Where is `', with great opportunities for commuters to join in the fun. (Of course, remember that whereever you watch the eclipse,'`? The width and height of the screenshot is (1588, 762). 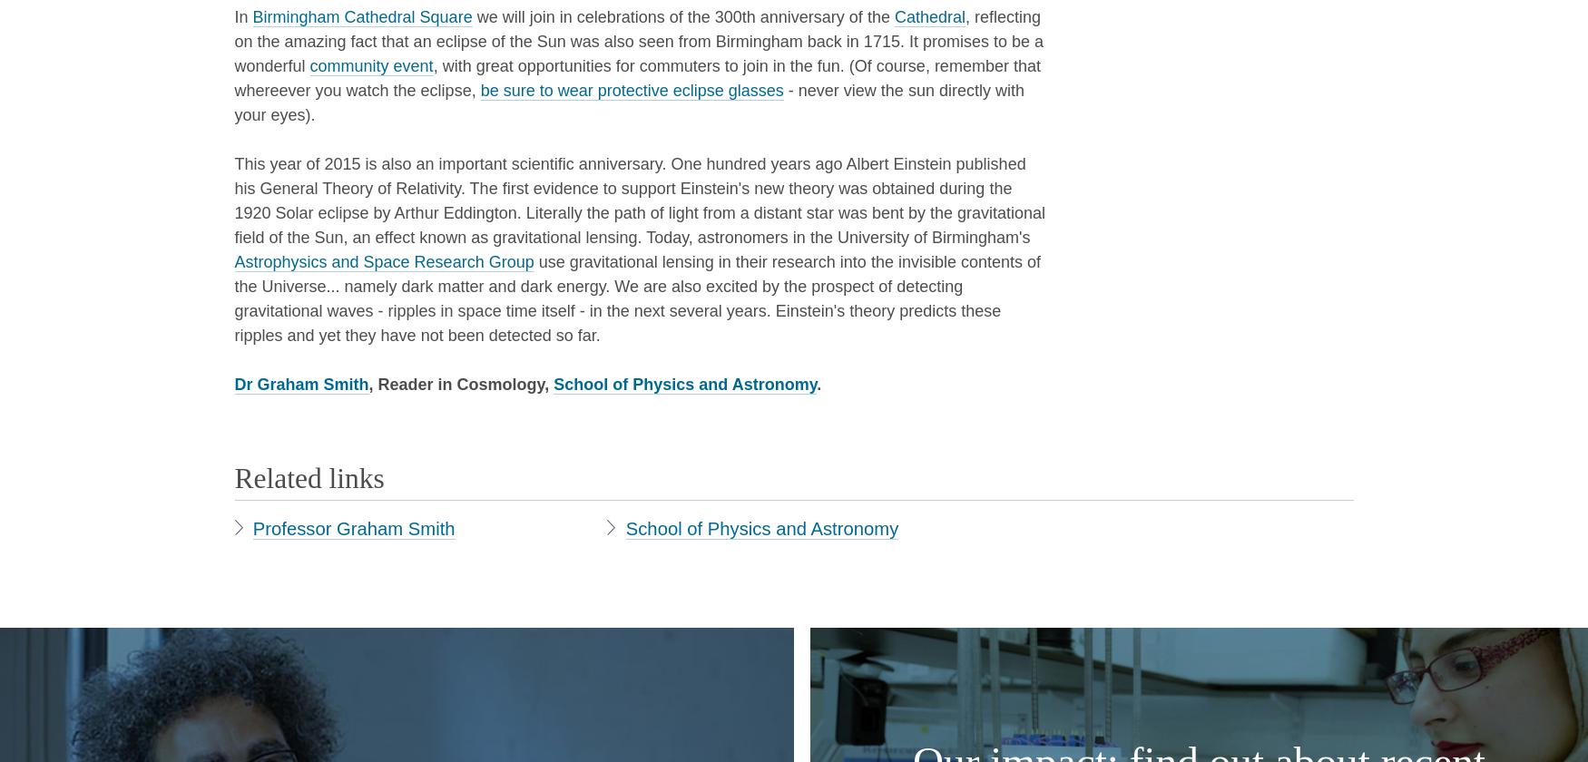 ', with great opportunities for commuters to join in the fun. (Of course, remember that whereever you watch the eclipse,' is located at coordinates (636, 77).